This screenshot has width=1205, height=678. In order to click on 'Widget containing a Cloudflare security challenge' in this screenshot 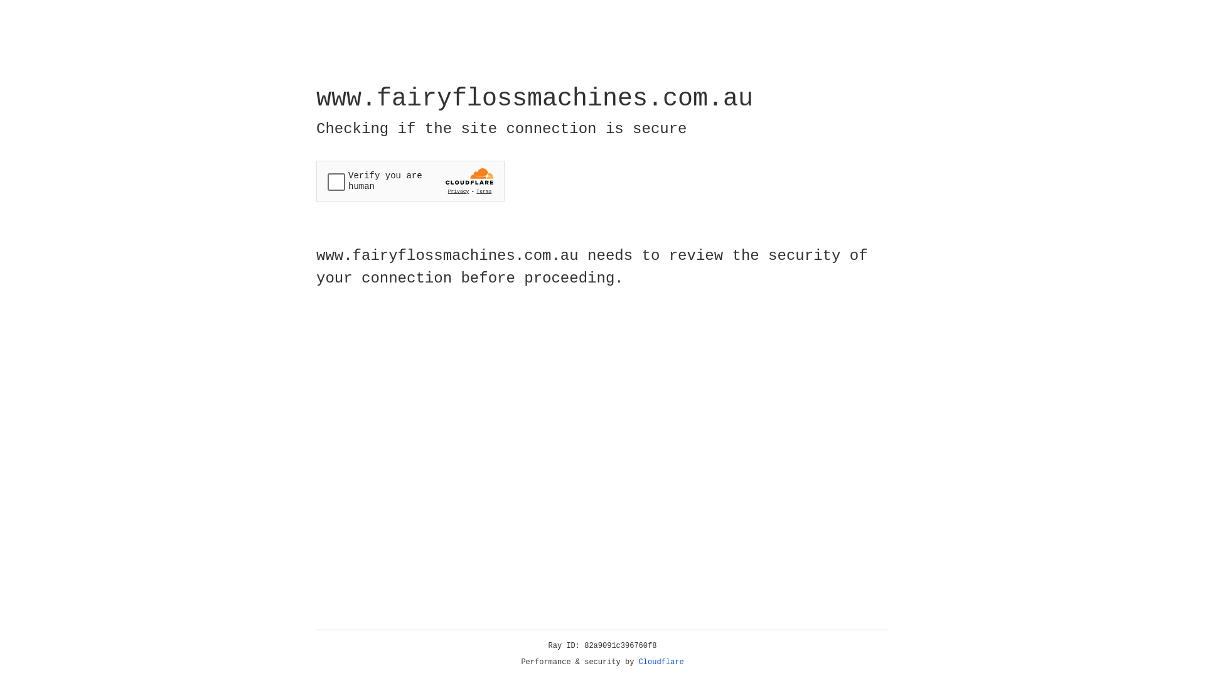, I will do `click(410, 181)`.